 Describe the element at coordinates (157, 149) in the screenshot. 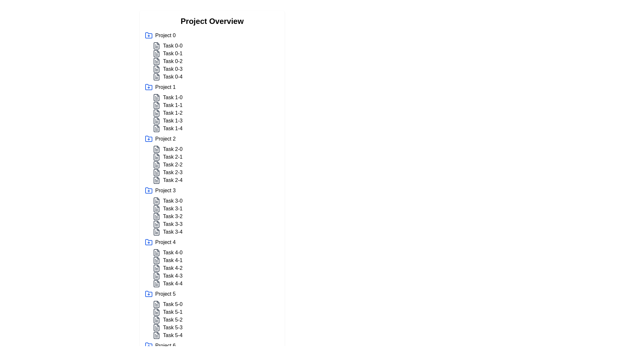

I see `the icon representing 'Task 2-0' located under 'Project 2' in the hierarchical list` at that location.